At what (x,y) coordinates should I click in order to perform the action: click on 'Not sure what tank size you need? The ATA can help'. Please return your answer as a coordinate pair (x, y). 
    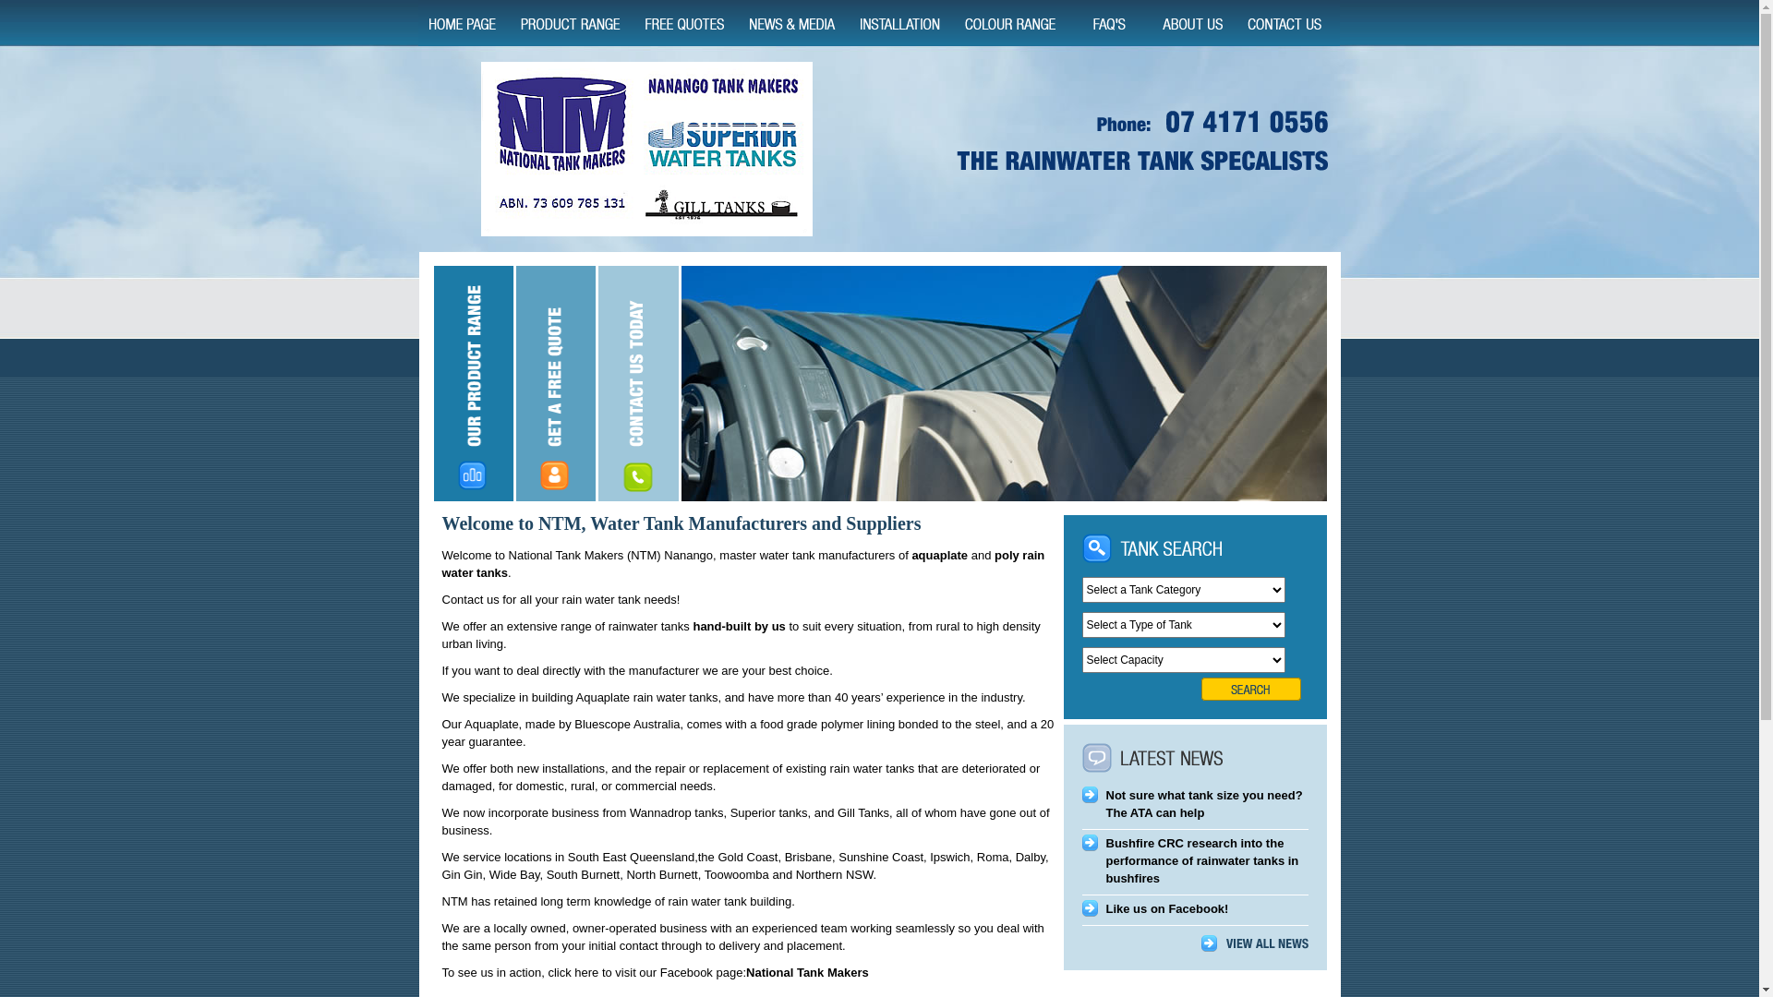
    Looking at the image, I should click on (1204, 803).